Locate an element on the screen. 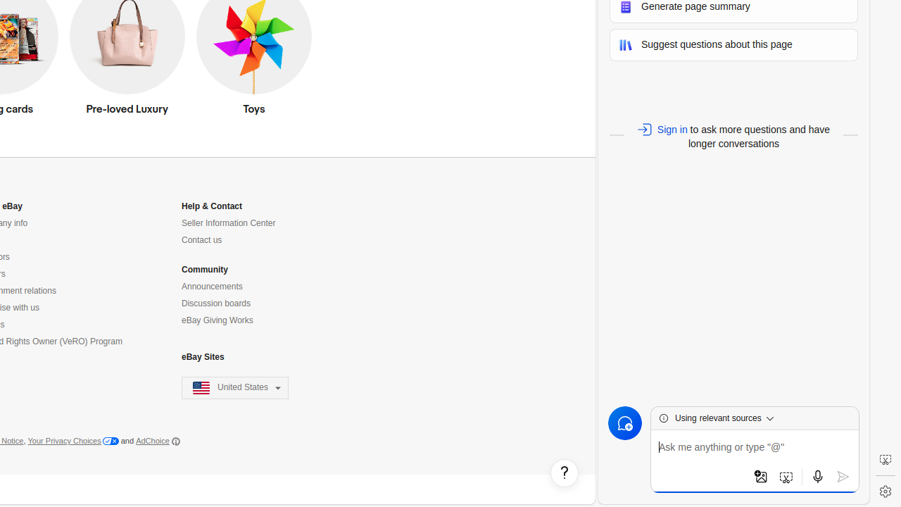 This screenshot has width=901, height=507. 'Use microphone' is located at coordinates (817, 476).